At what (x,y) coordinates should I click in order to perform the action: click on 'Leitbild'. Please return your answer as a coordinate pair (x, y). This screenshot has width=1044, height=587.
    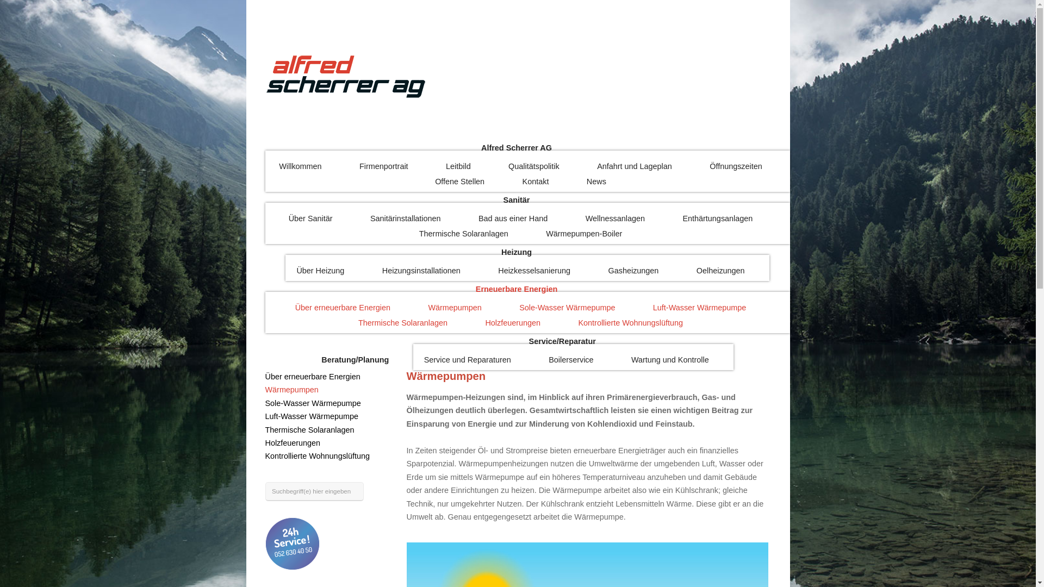
    Looking at the image, I should click on (458, 169).